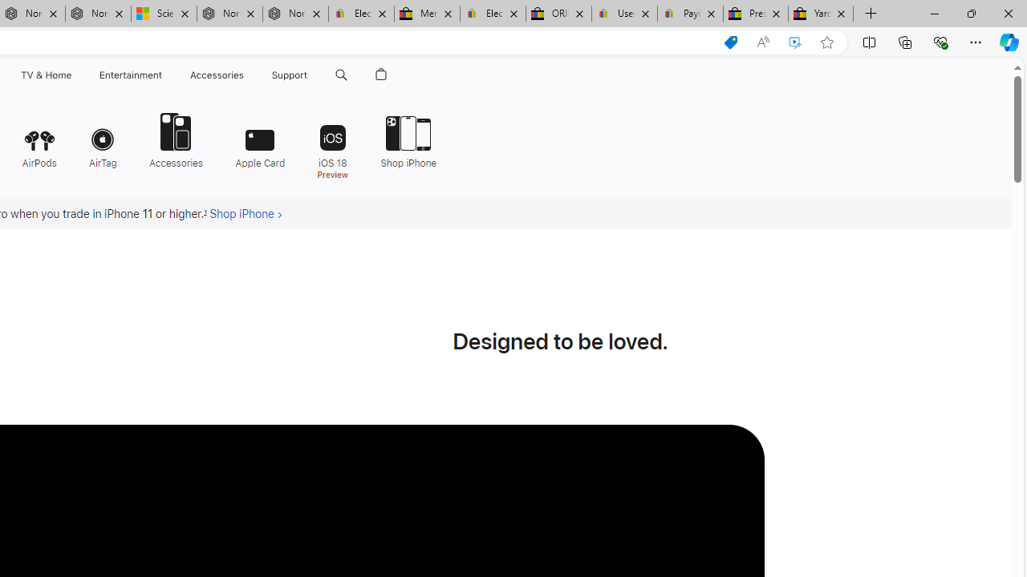  Describe the element at coordinates (408, 138) in the screenshot. I see `'Shop iPhone'` at that location.